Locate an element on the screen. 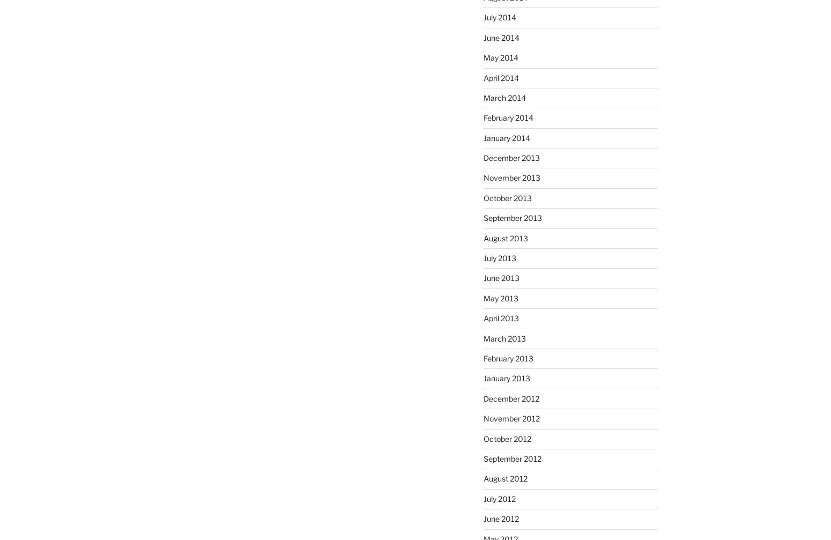 This screenshot has width=831, height=540. 'May 2013' is located at coordinates (500, 297).